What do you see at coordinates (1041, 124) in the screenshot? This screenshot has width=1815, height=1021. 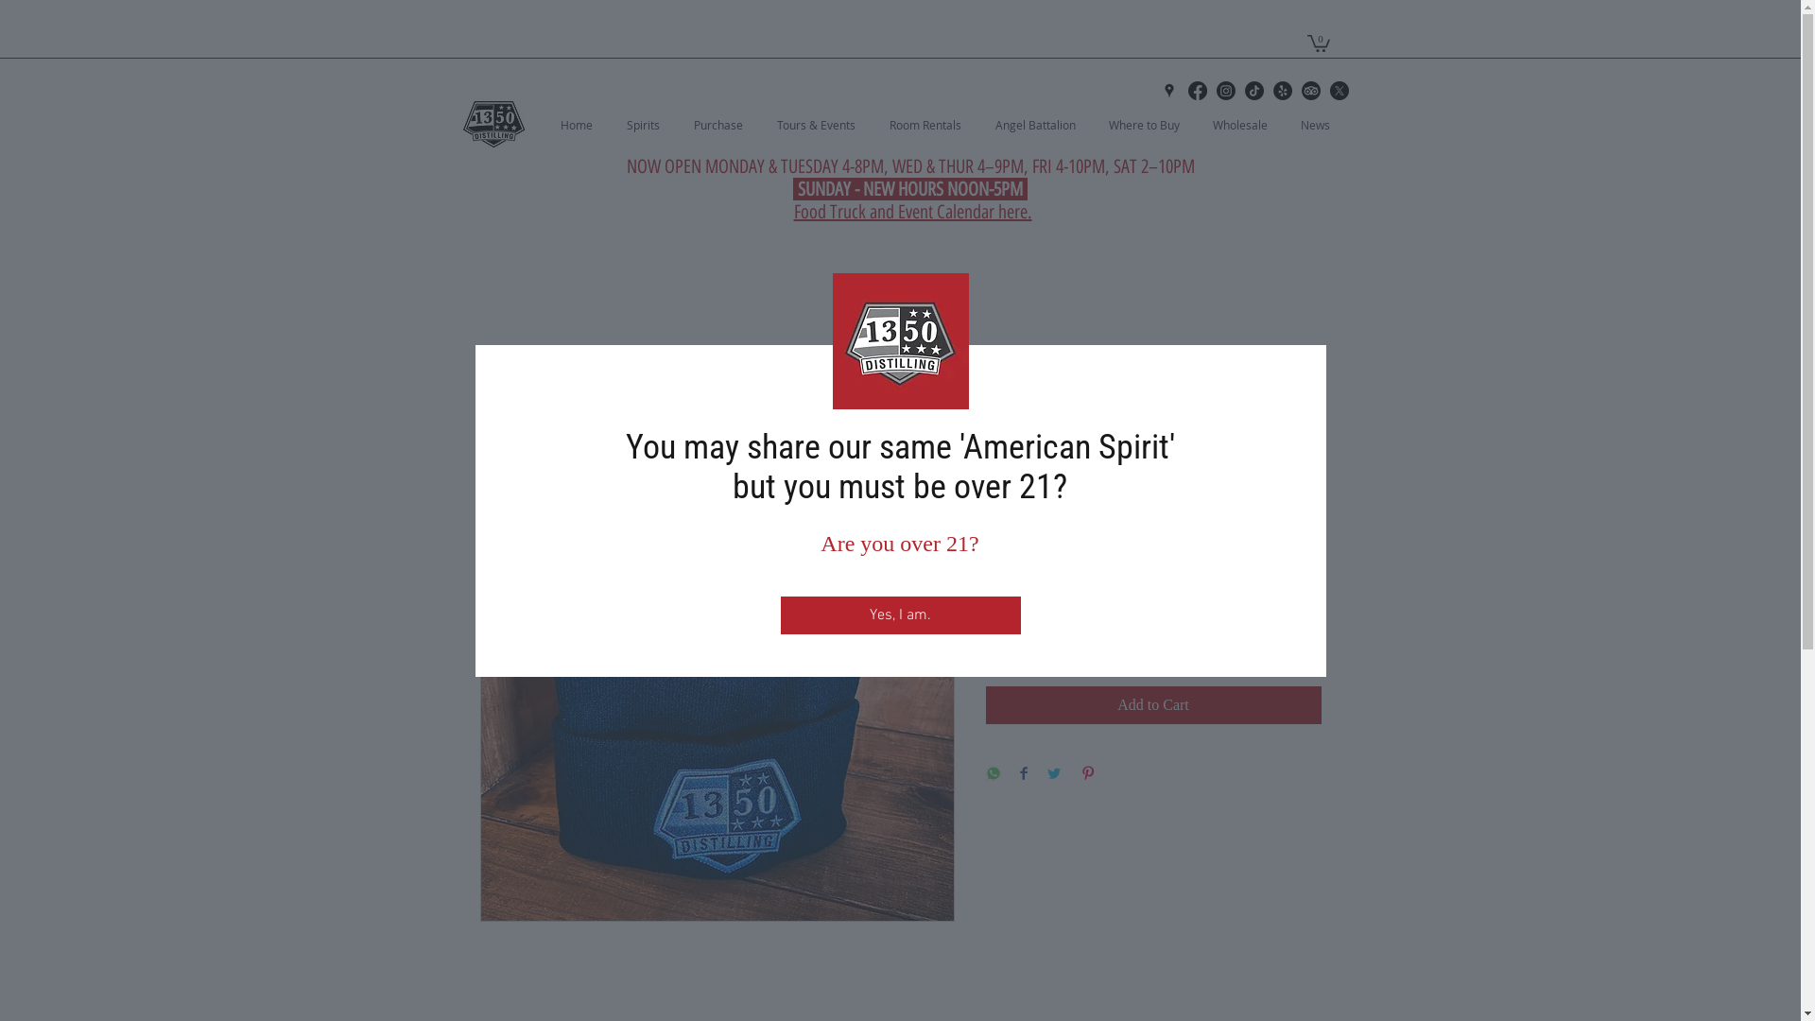 I see `'Angel Battalion'` at bounding box center [1041, 124].